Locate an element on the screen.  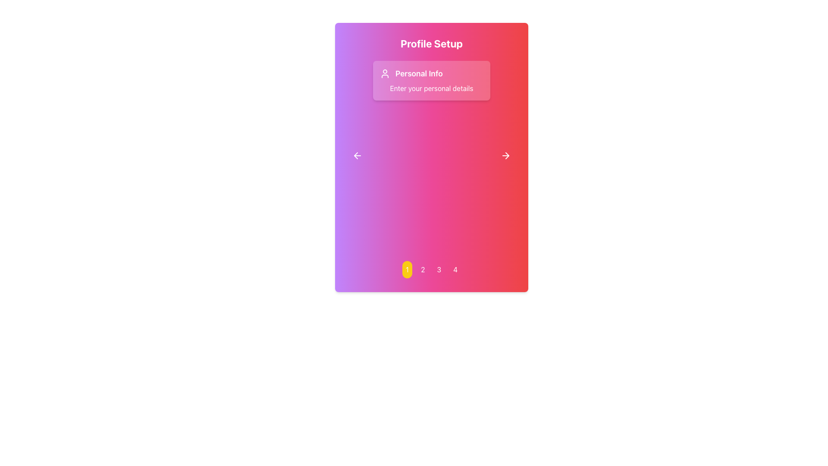
the fourth step navigation indicator is located at coordinates (455, 269).